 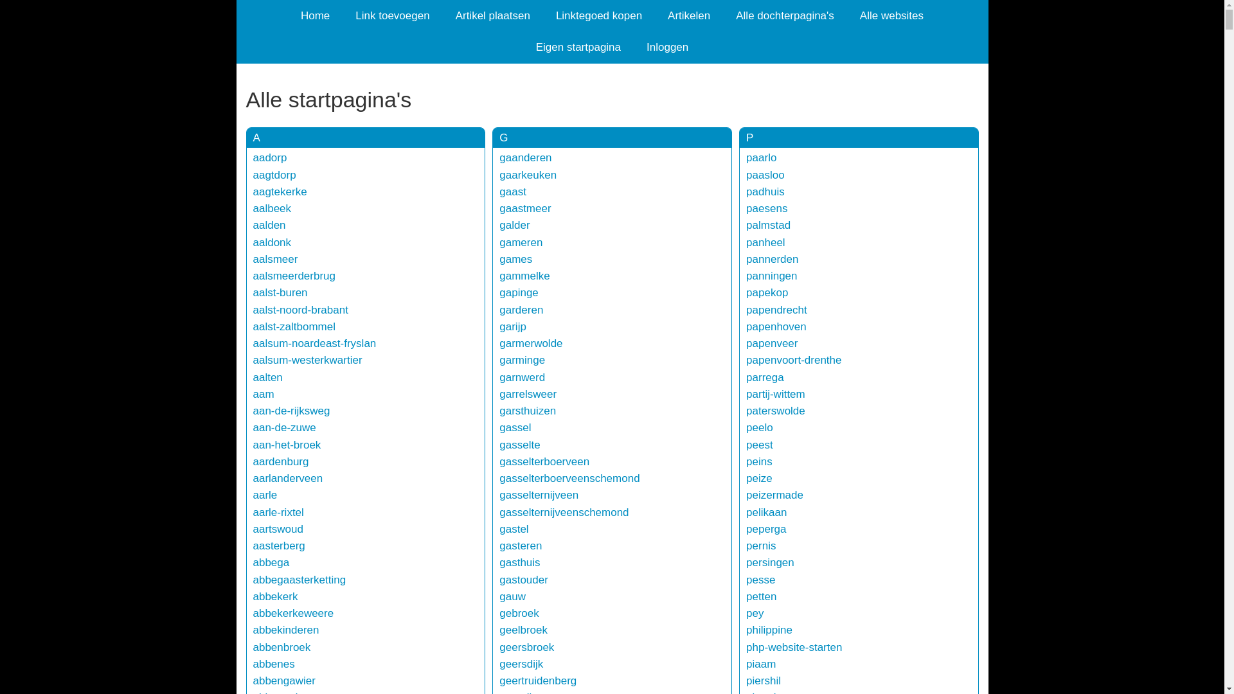 I want to click on 'pesse', so click(x=760, y=580).